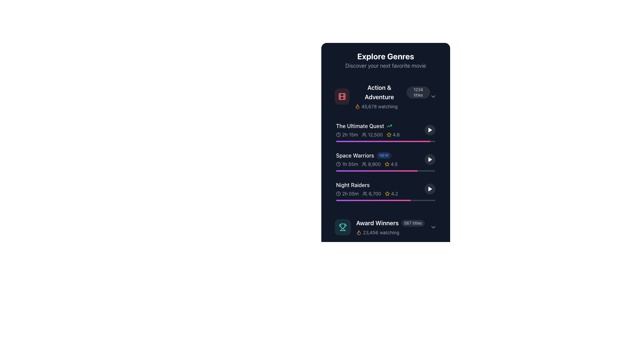  I want to click on the Chevron toggle indicator at the far-right end of the '1234 titles' button in the 'Action & Adventure' section, so click(433, 97).